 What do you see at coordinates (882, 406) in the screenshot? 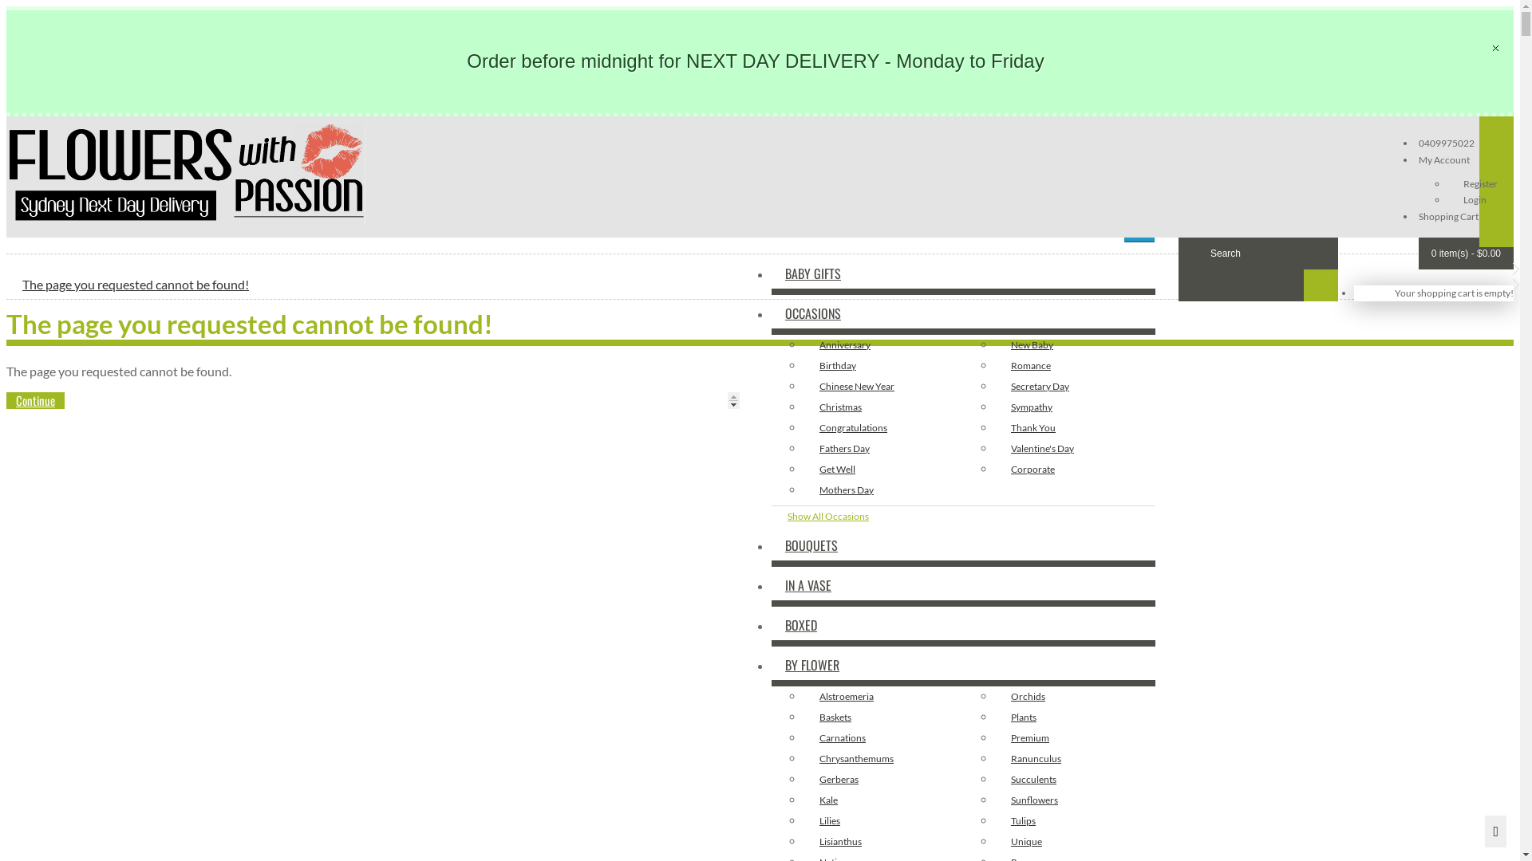
I see `'Christmas'` at bounding box center [882, 406].